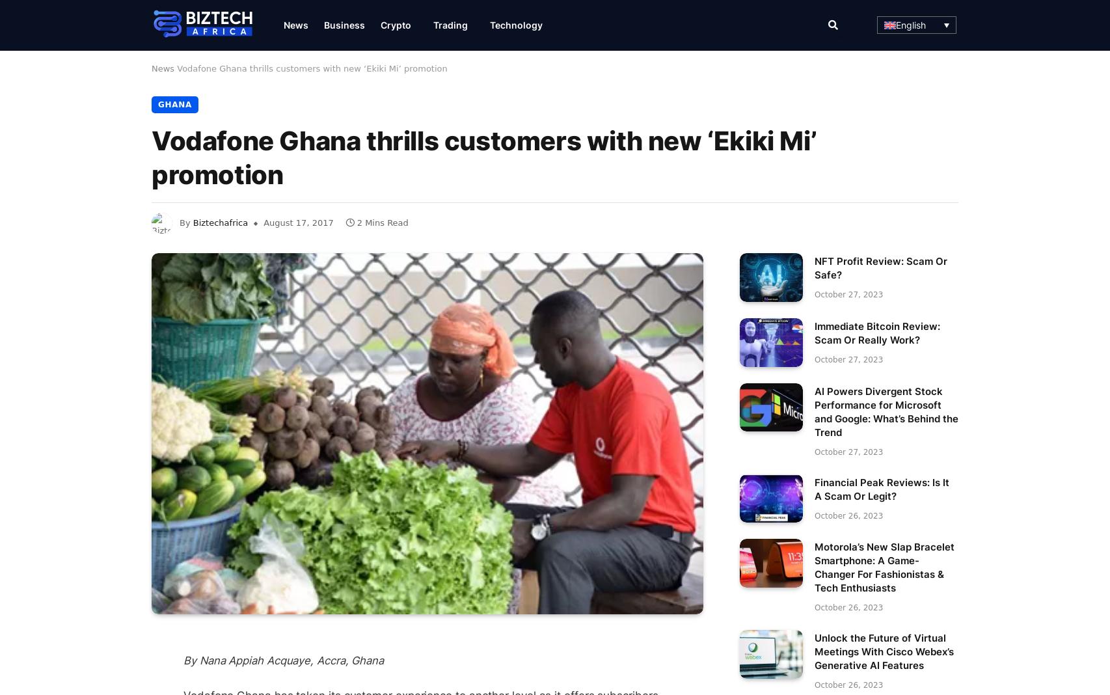  What do you see at coordinates (709, 137) in the screenshot?
I see `'Bitcoin Prime'` at bounding box center [709, 137].